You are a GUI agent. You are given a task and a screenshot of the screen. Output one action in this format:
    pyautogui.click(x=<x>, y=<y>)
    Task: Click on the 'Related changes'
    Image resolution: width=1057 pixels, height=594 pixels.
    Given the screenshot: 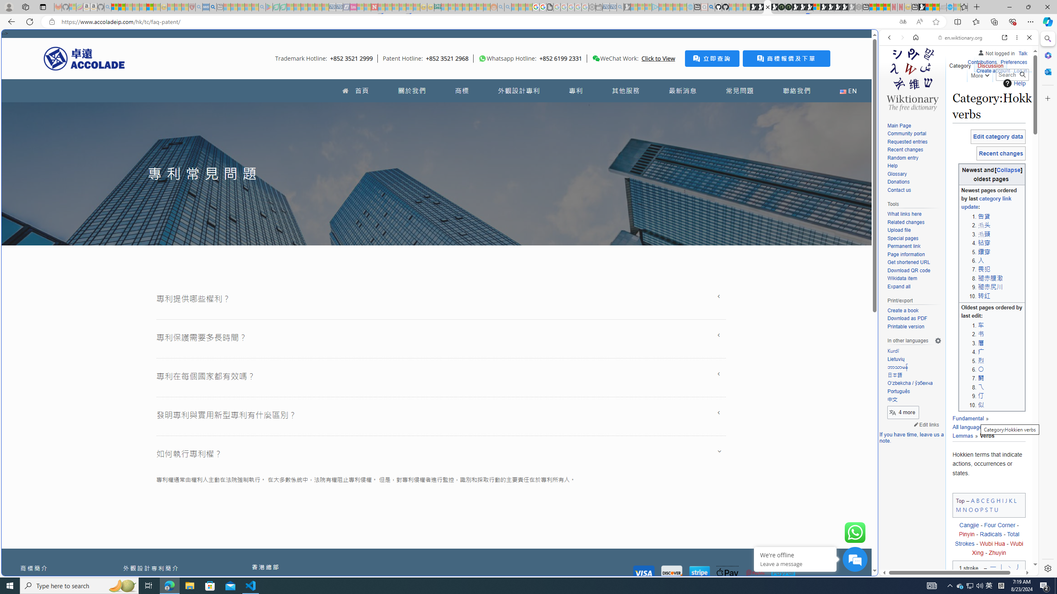 What is the action you would take?
    pyautogui.click(x=914, y=222)
    